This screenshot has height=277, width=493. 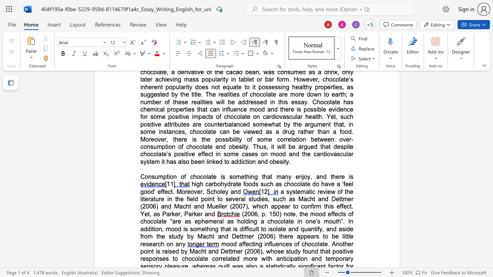 I want to click on the space between the continuous character "t" and "m" in the text, so click(x=343, y=199).